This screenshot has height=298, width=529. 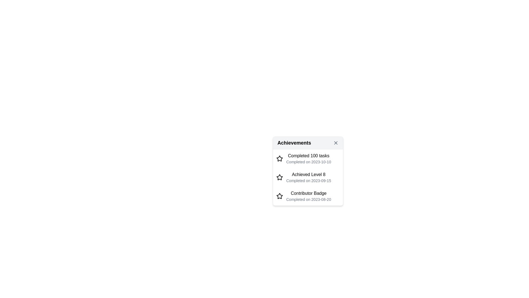 What do you see at coordinates (309, 193) in the screenshot?
I see `the 'Contributor Badge' achievement label, which is the heading text of the third item in the vertical list of achievements` at bounding box center [309, 193].